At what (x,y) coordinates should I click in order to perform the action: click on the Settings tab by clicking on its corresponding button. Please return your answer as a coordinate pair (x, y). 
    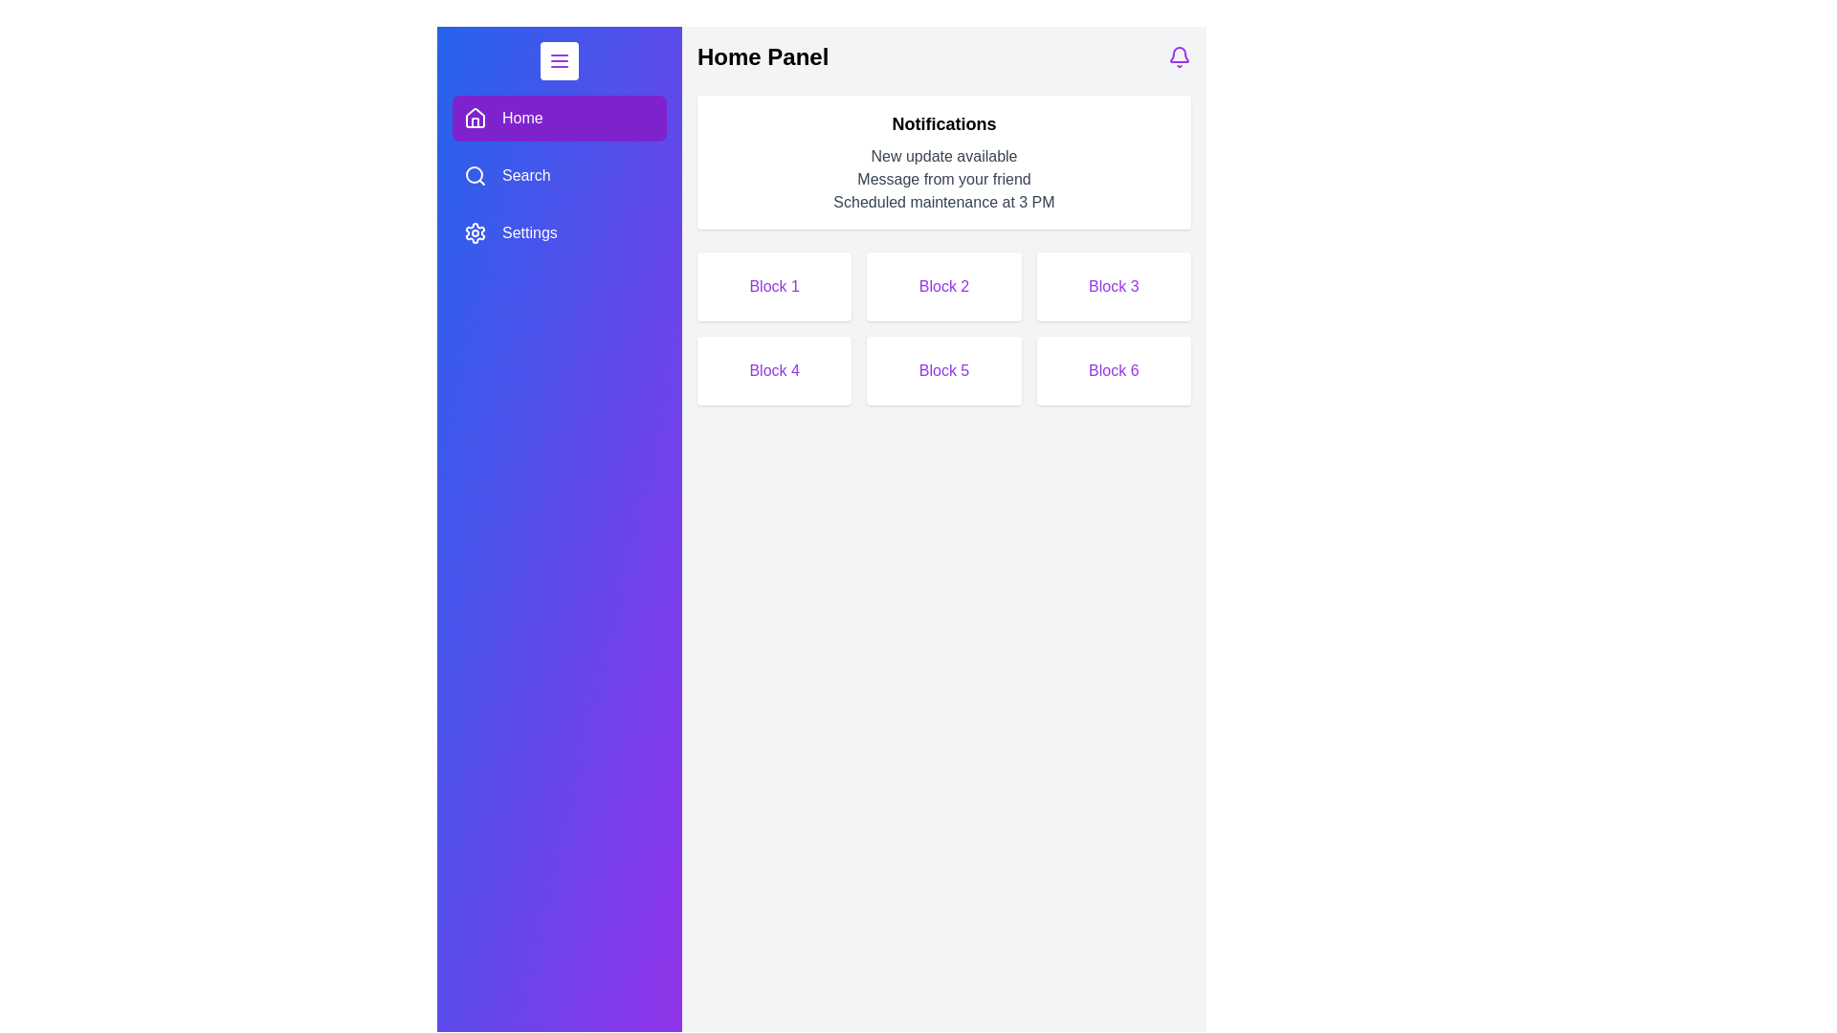
    Looking at the image, I should click on (559, 231).